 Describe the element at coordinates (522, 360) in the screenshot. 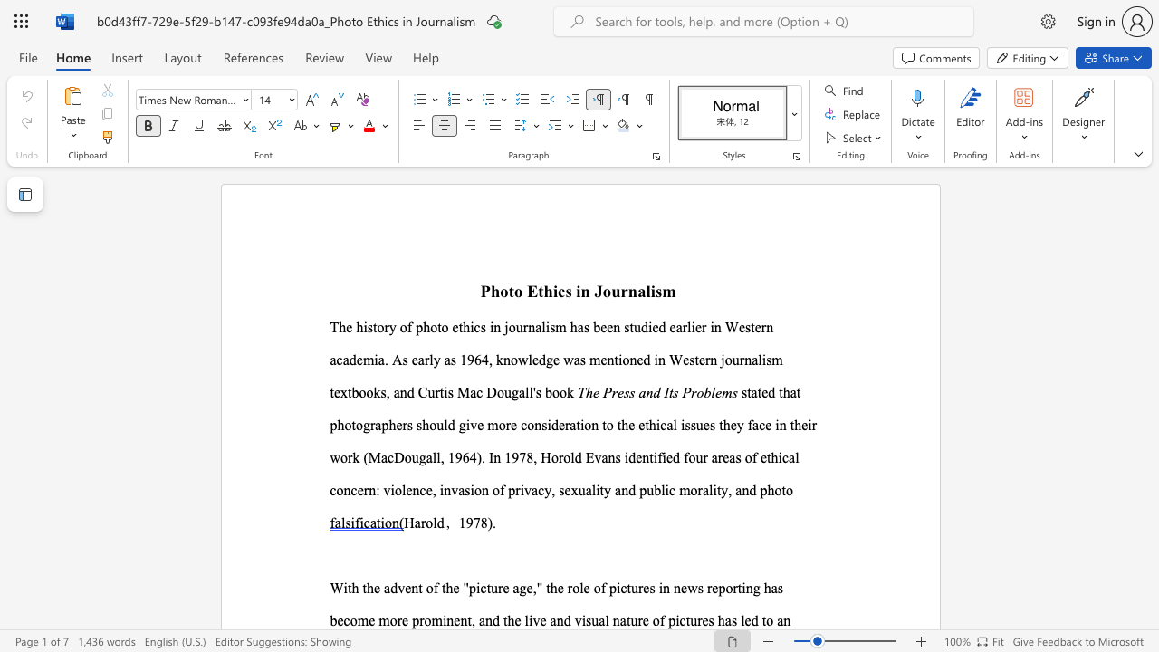

I see `the 1th character "w" in the text` at that location.